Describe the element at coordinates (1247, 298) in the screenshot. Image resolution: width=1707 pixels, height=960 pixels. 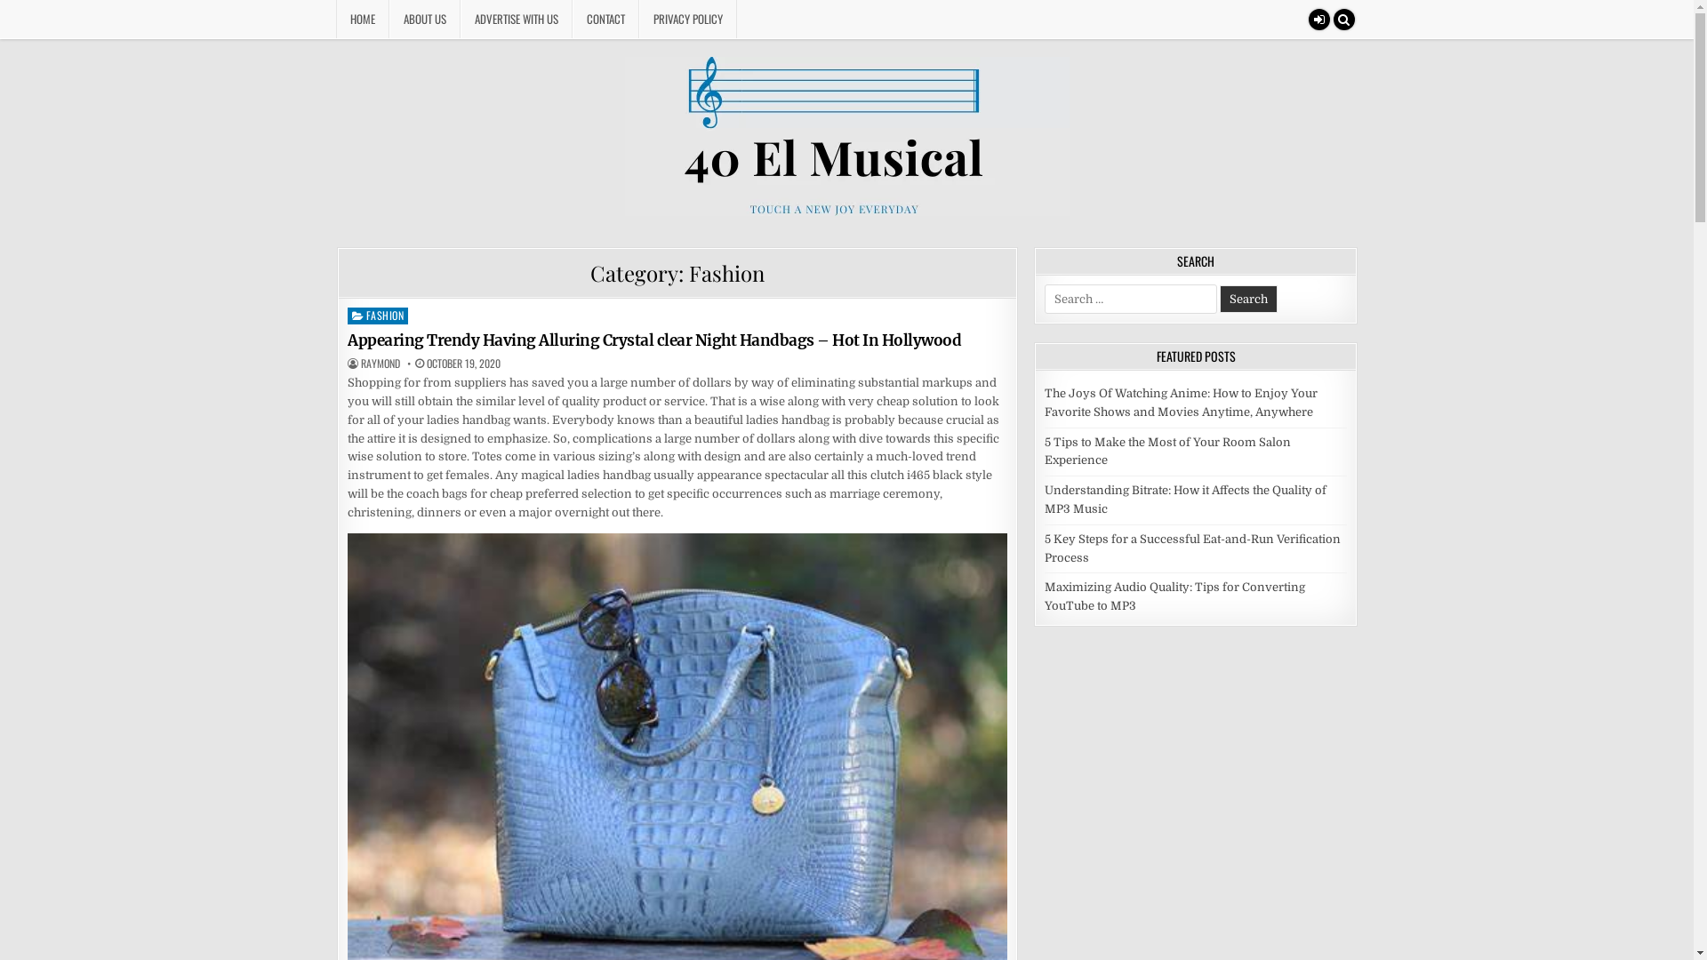
I see `'Search'` at that location.